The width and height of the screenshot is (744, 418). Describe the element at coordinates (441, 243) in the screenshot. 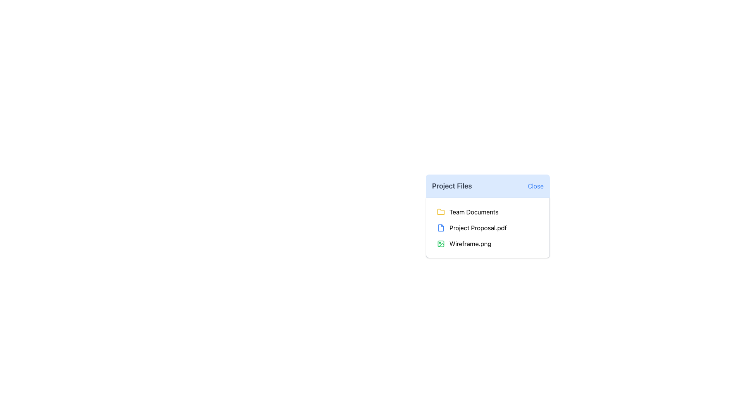

I see `the green file type icon representing 'Wireframe.png', which is located in a vertical card-style file display, positioned to the left of the text and below 'Project Proposal.pdf'` at that location.